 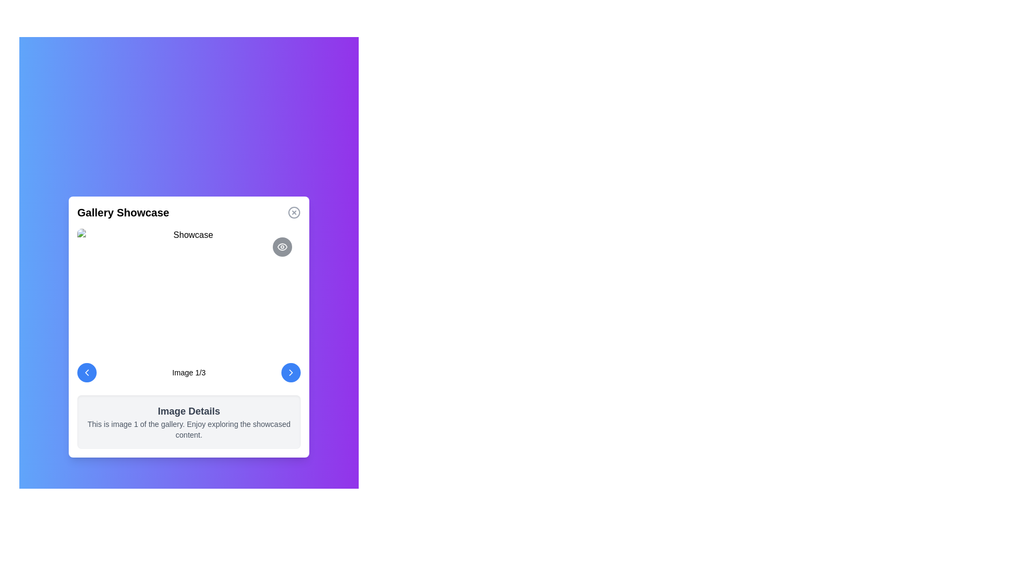 What do you see at coordinates (87, 372) in the screenshot?
I see `the left-facing chevron icon within the circular blue button in the lower-left area of the modal dialog to receive visual feedback` at bounding box center [87, 372].